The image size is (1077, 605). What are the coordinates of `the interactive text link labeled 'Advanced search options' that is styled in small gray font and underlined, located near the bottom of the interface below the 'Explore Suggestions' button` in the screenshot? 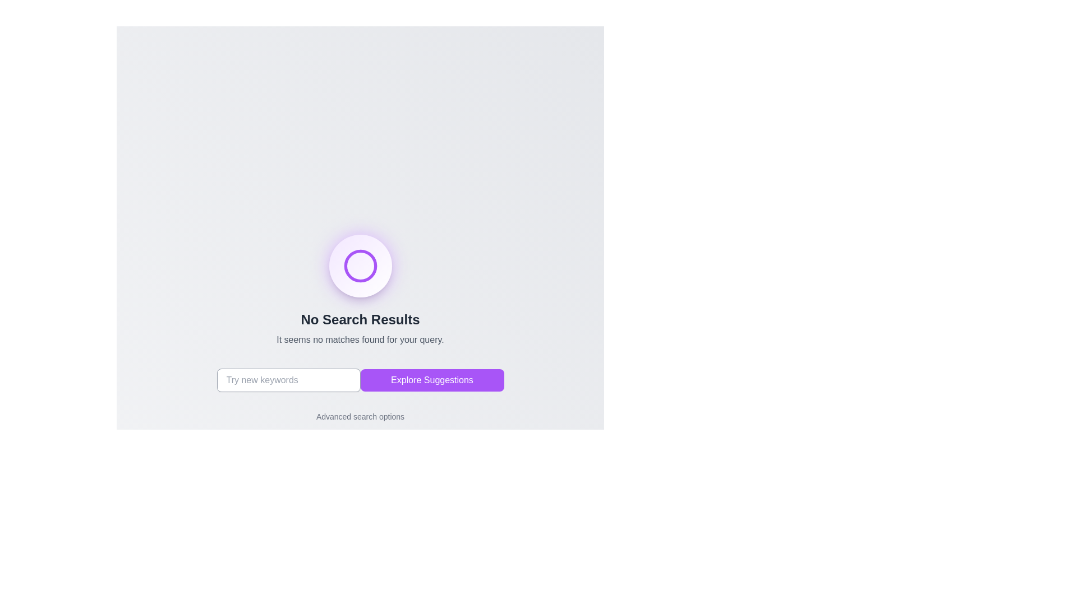 It's located at (360, 416).